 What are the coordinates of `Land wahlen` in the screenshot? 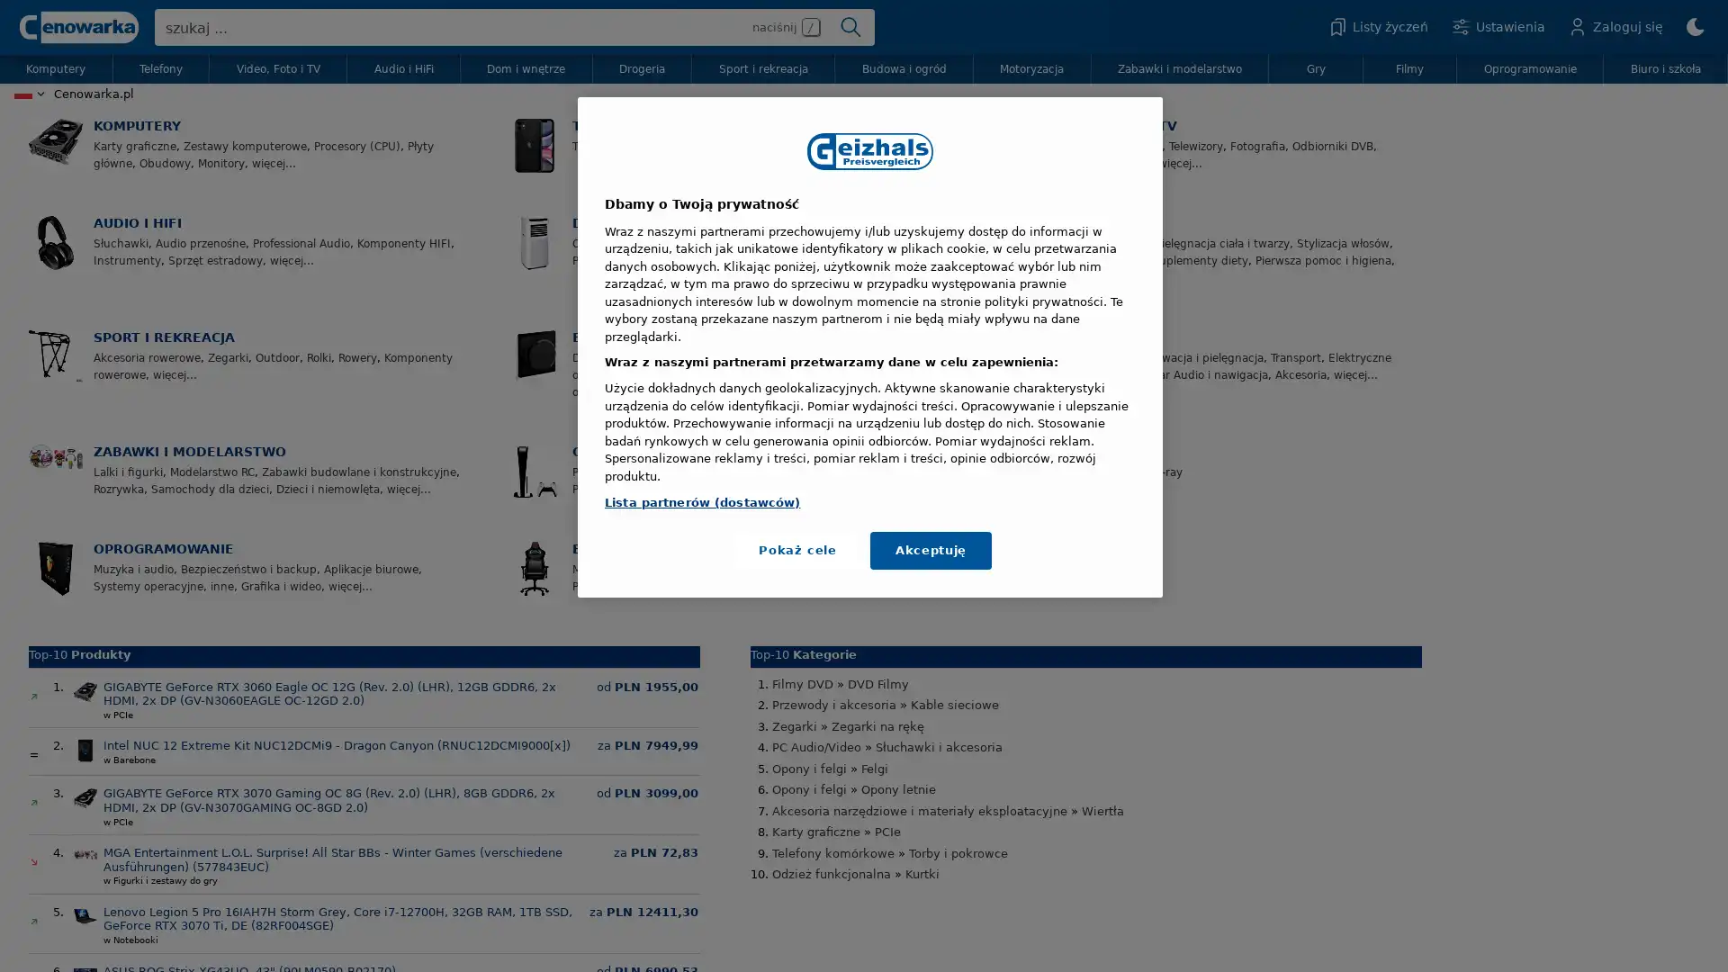 It's located at (30, 93).